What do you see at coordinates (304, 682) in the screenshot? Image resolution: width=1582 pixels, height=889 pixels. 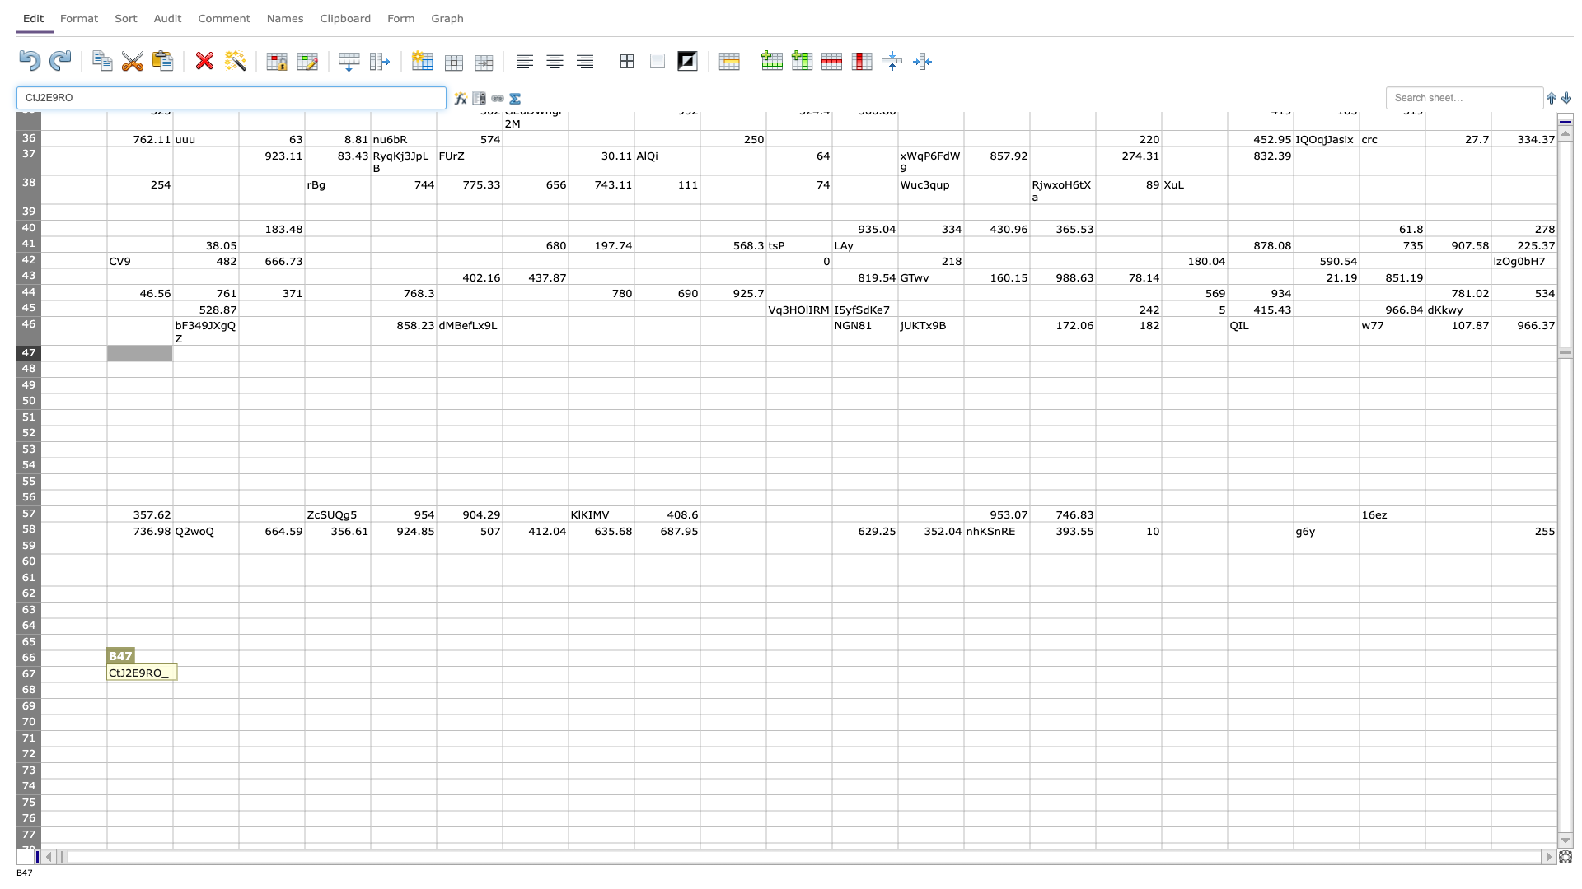 I see `bottom right corner of cell D67` at bounding box center [304, 682].